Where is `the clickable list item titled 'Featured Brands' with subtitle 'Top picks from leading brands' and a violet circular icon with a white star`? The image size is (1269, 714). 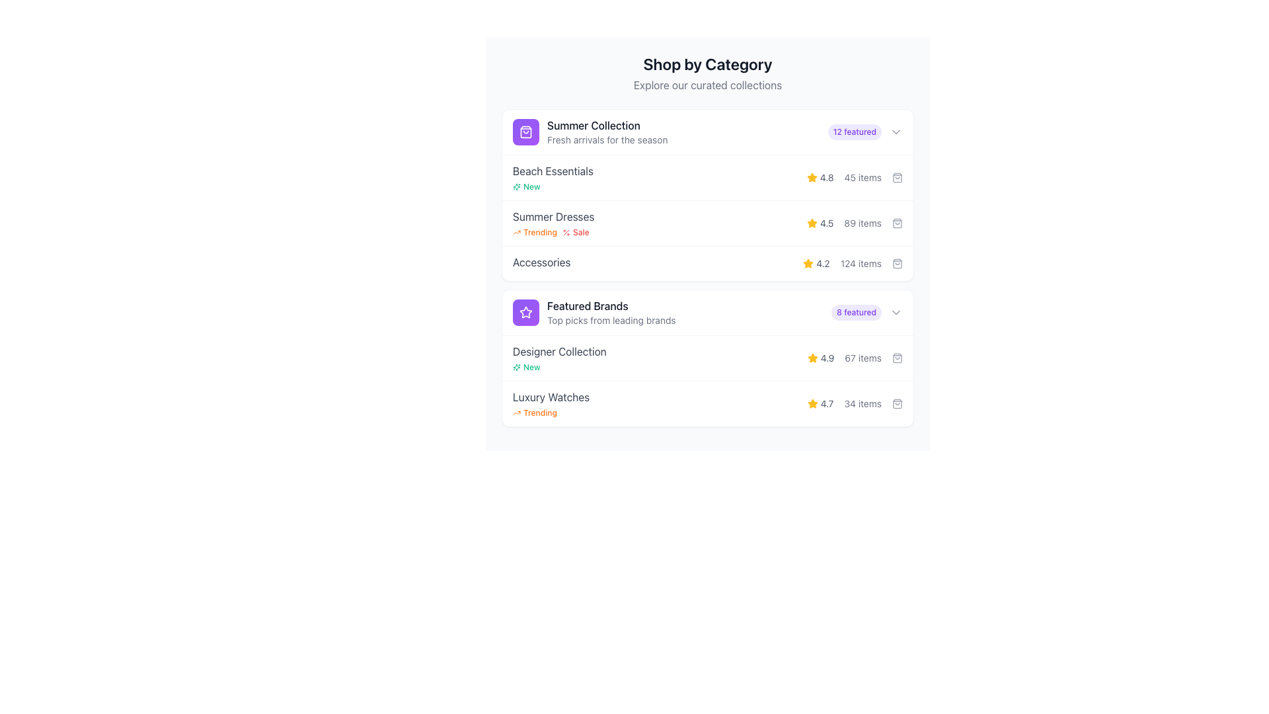 the clickable list item titled 'Featured Brands' with subtitle 'Top picks from leading brands' and a violet circular icon with a white star is located at coordinates (594, 313).